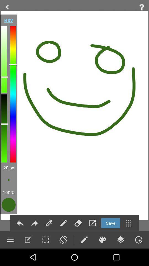 The width and height of the screenshot is (149, 266). What do you see at coordinates (102, 239) in the screenshot?
I see `painting` at bounding box center [102, 239].